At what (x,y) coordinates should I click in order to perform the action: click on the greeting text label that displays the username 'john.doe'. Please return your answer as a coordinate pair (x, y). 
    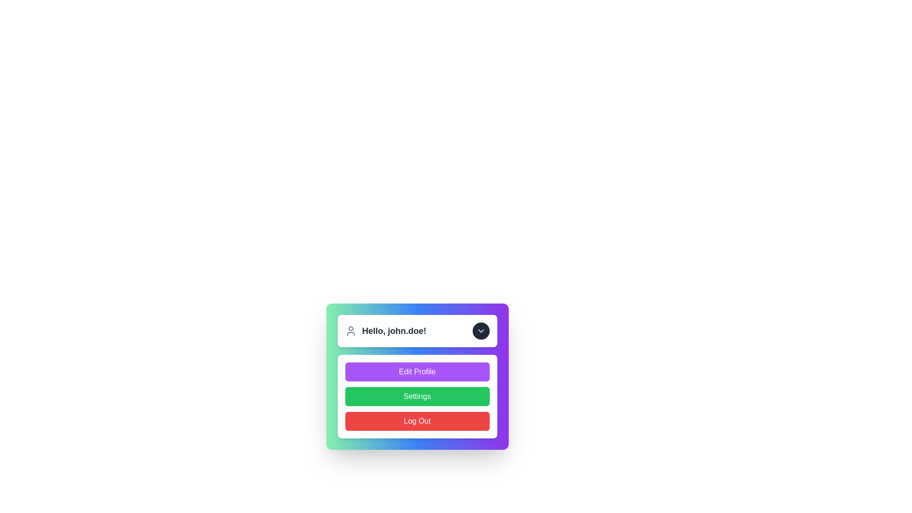
    Looking at the image, I should click on (394, 331).